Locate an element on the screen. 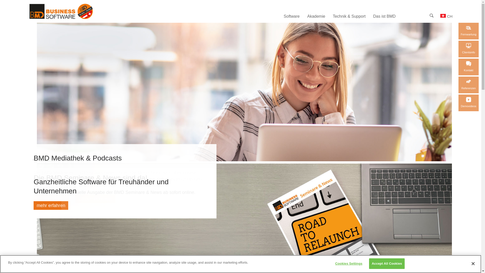 The height and width of the screenshot is (273, 485). 'Das ist BMD' is located at coordinates (369, 16).